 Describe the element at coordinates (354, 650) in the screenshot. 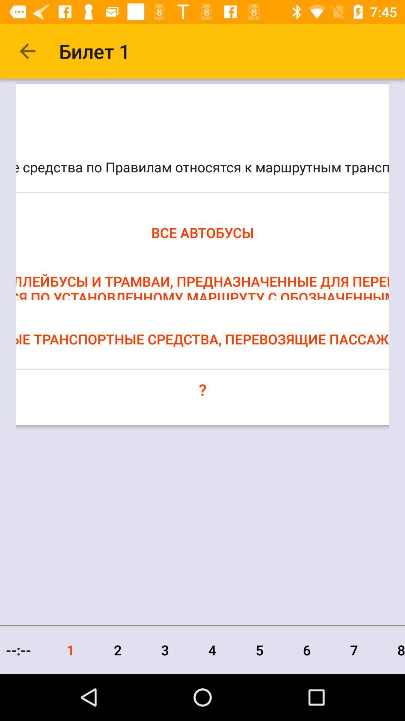

I see `the icon to the right of 6` at that location.